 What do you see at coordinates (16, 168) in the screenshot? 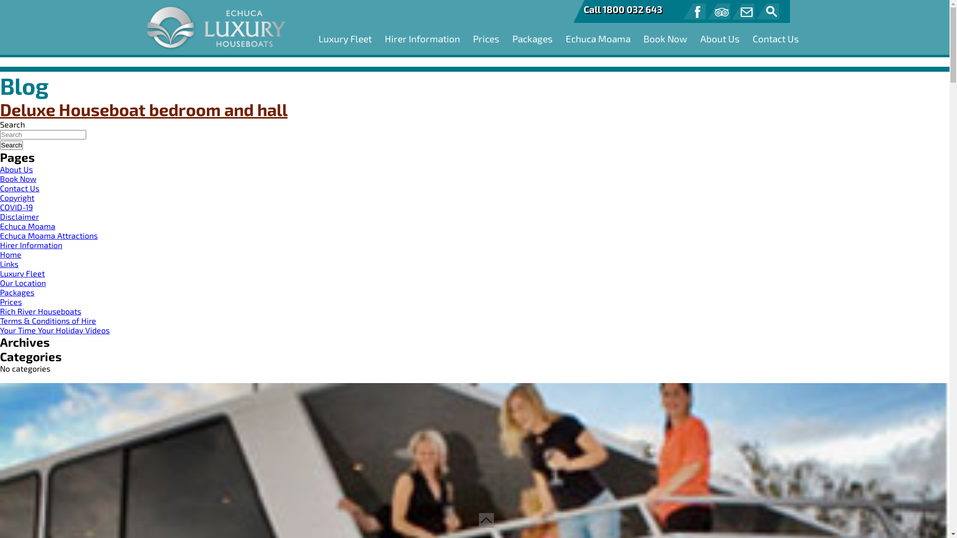
I see `'About Us'` at bounding box center [16, 168].